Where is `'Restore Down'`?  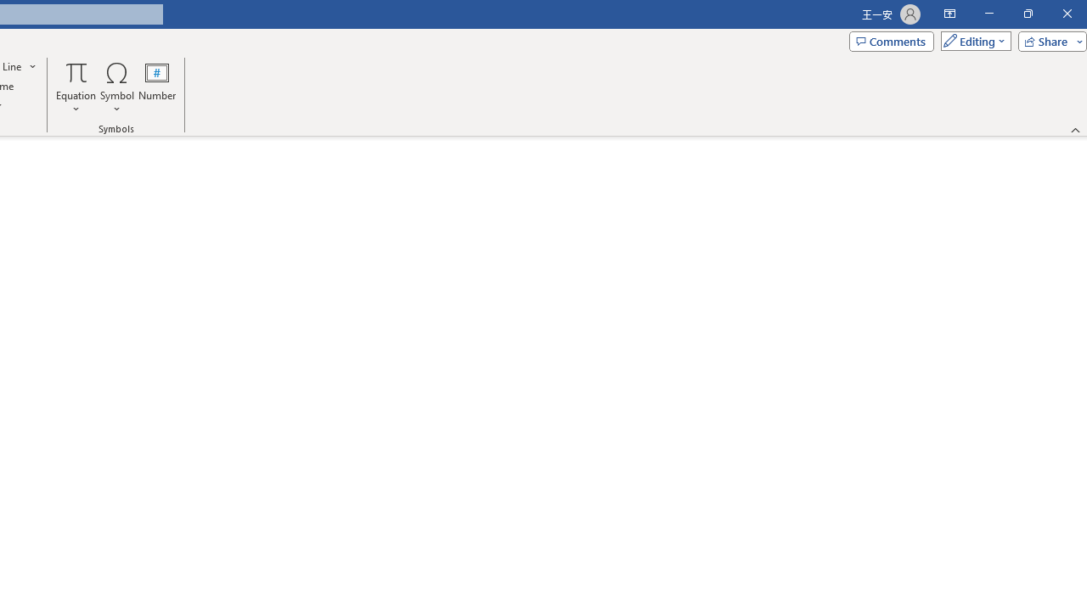 'Restore Down' is located at coordinates (1027, 14).